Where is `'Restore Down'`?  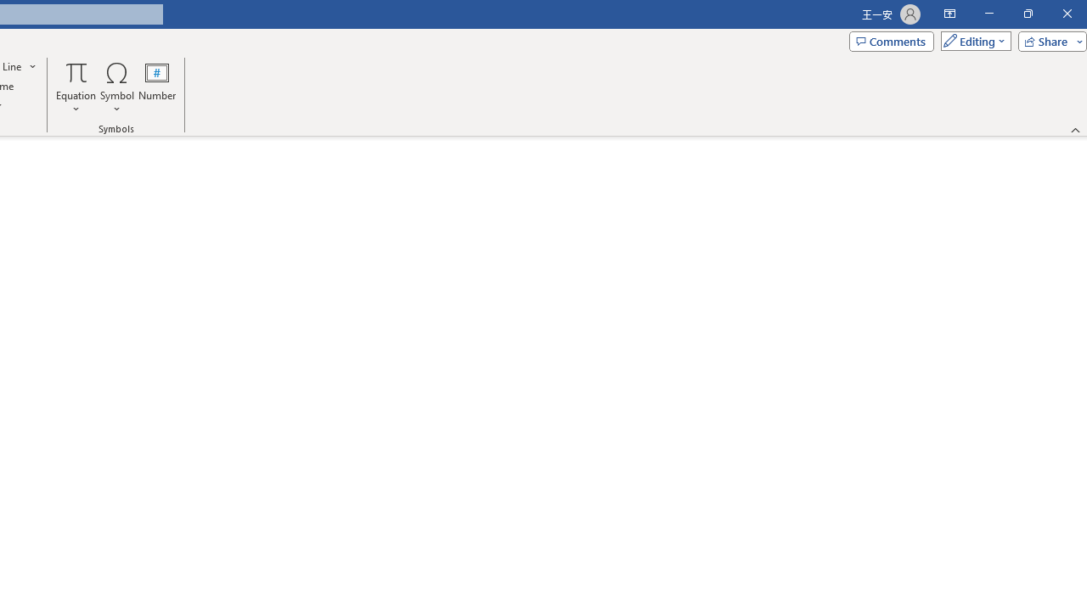 'Restore Down' is located at coordinates (1027, 14).